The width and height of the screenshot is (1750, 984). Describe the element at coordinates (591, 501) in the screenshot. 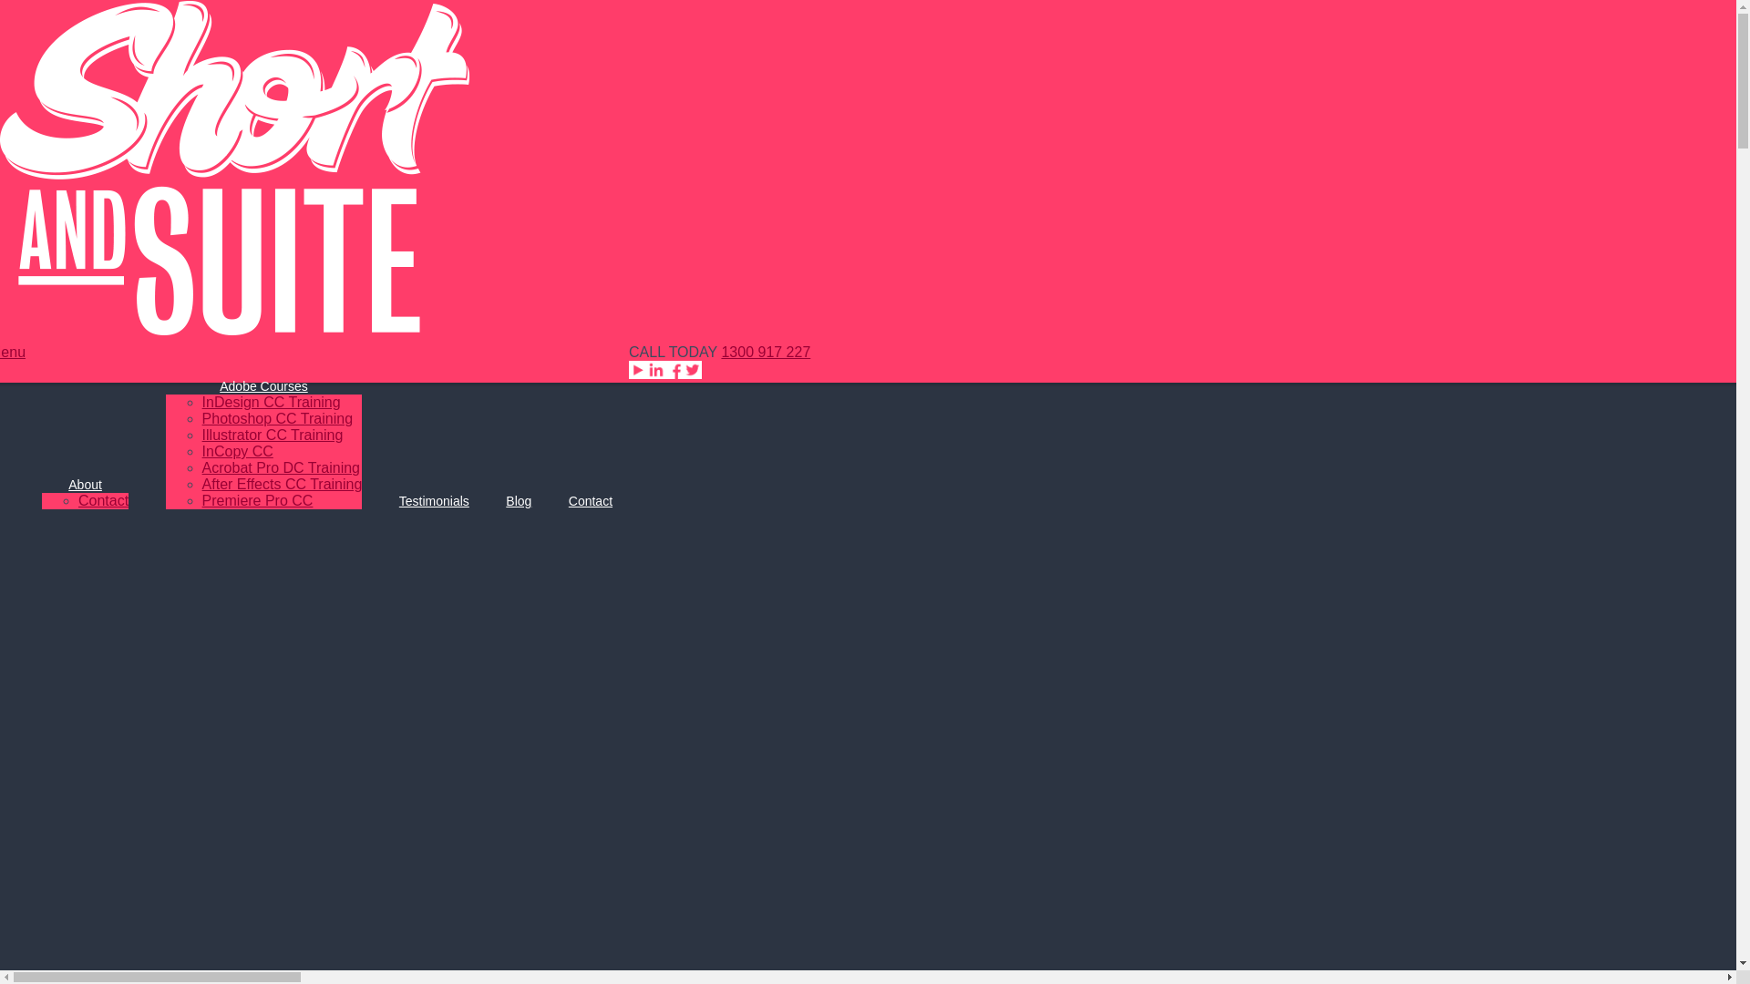

I see `'Contact'` at that location.